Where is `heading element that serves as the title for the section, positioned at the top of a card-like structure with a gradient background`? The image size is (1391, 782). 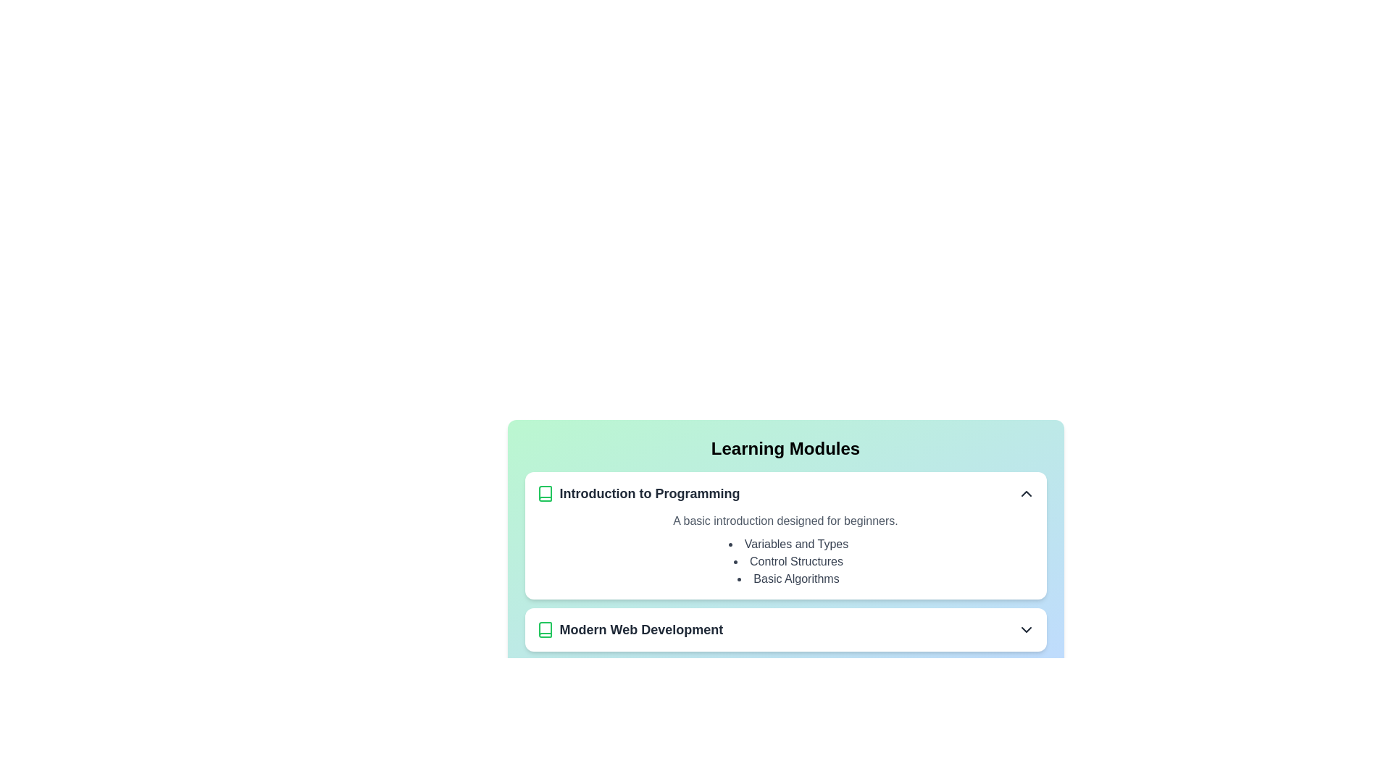
heading element that serves as the title for the section, positioned at the top of a card-like structure with a gradient background is located at coordinates (785, 448).